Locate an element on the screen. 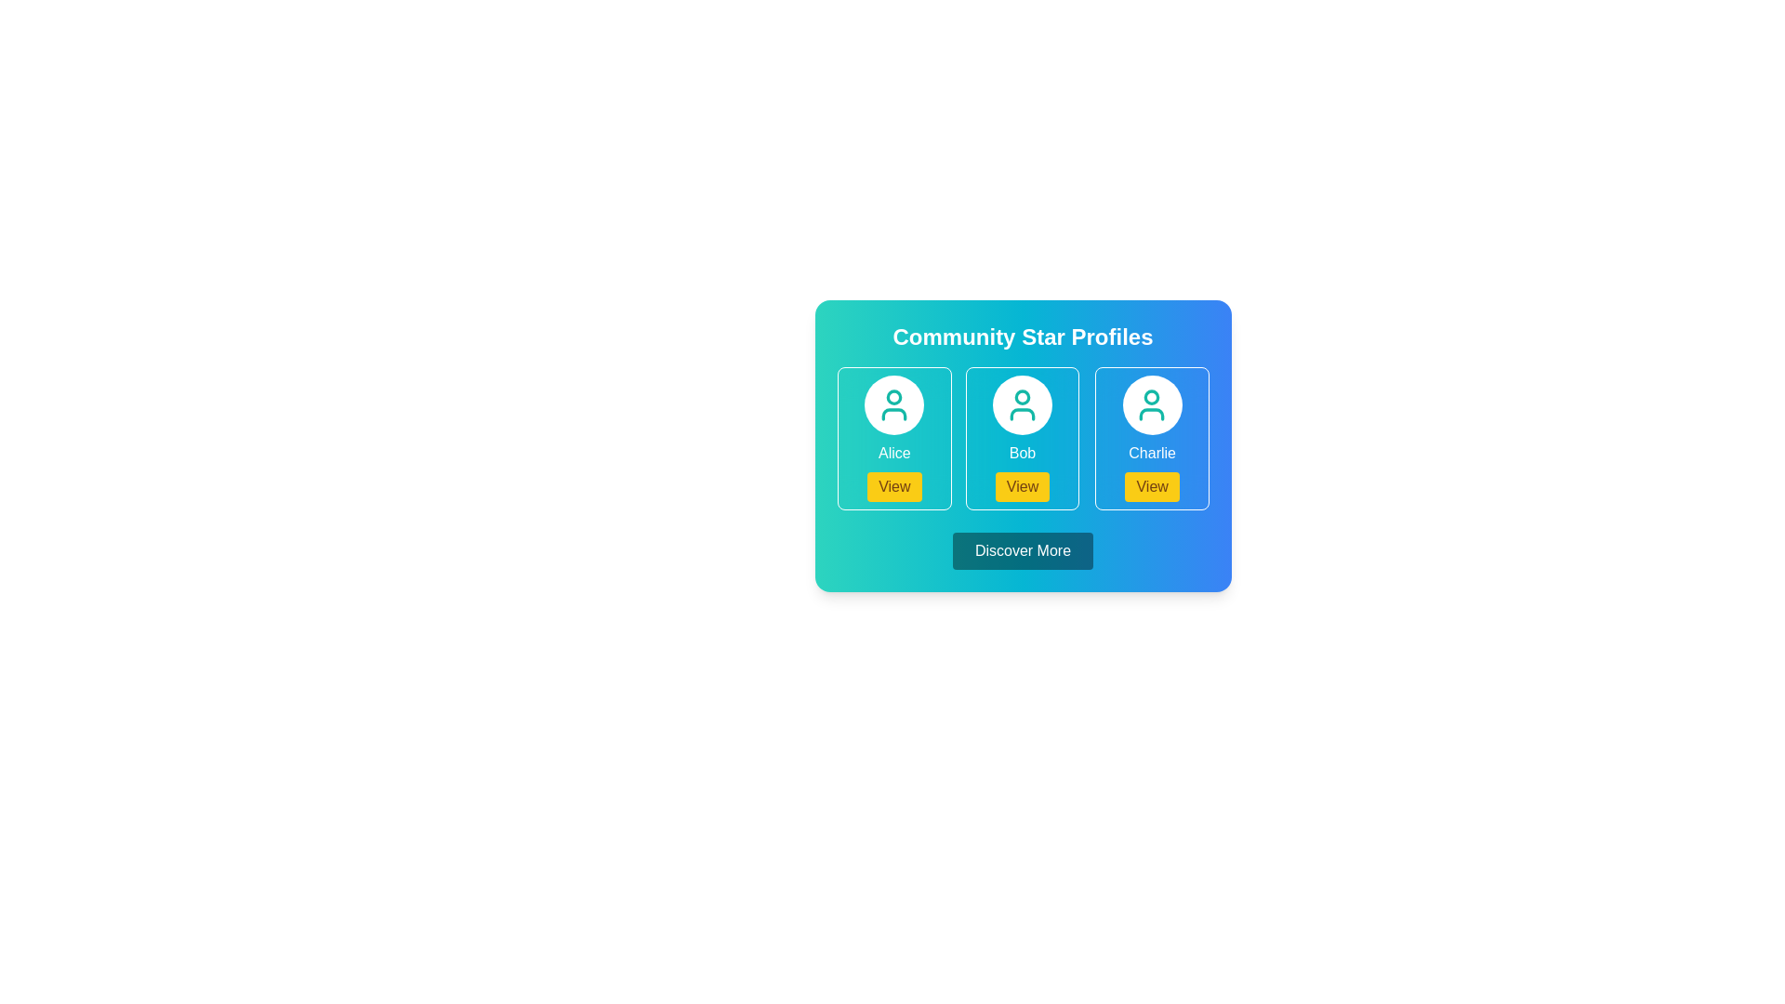 The image size is (1785, 1004). the user profile icon representing 'Alice' in the Community Star Profiles section, located at the top-left corner of the section is located at coordinates (893, 403).